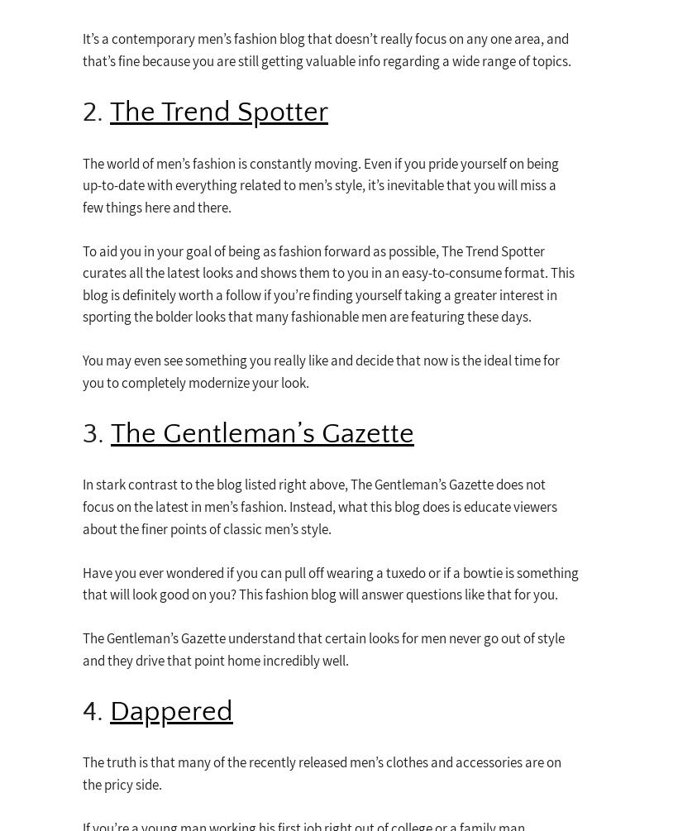 The height and width of the screenshot is (831, 678). I want to click on 'The Gentleman’s Gazette understand that certain looks for men never go out of style and they drive that point home incredibly well.', so click(323, 649).